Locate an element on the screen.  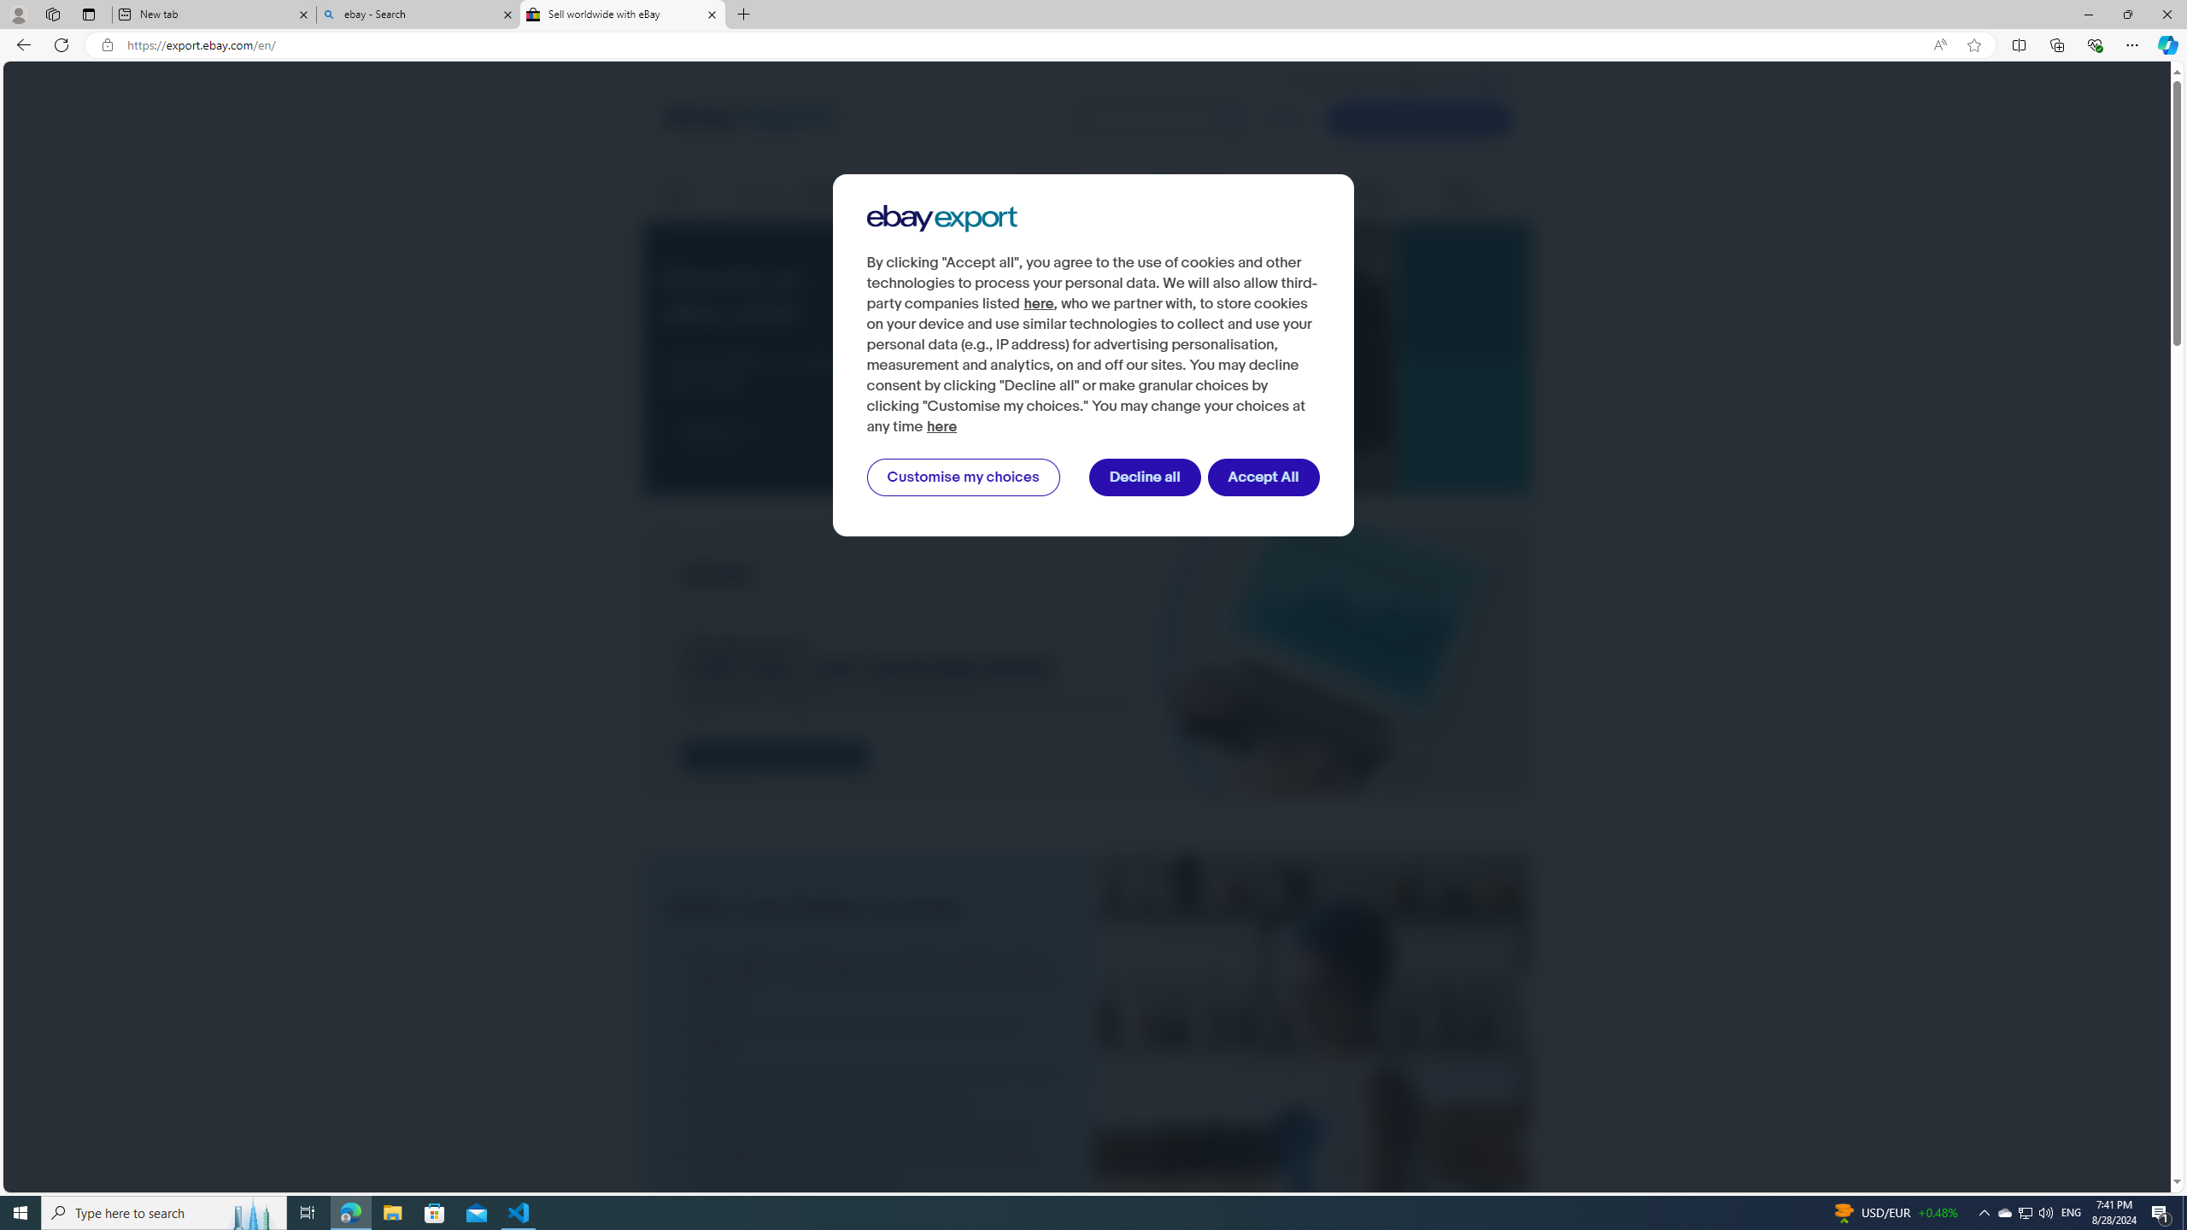
'Class: header__logo' is located at coordinates (748, 118).